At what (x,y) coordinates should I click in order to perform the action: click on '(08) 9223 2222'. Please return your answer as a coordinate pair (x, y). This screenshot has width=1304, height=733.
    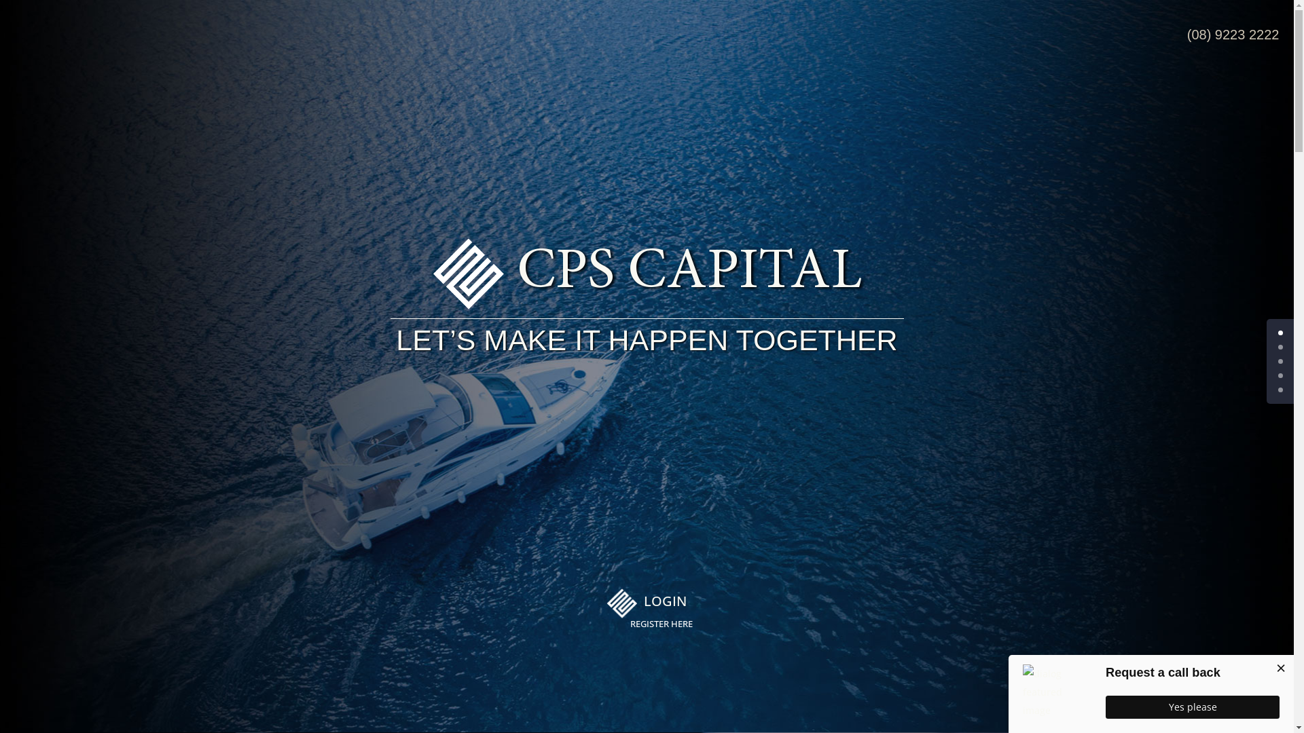
    Looking at the image, I should click on (1233, 33).